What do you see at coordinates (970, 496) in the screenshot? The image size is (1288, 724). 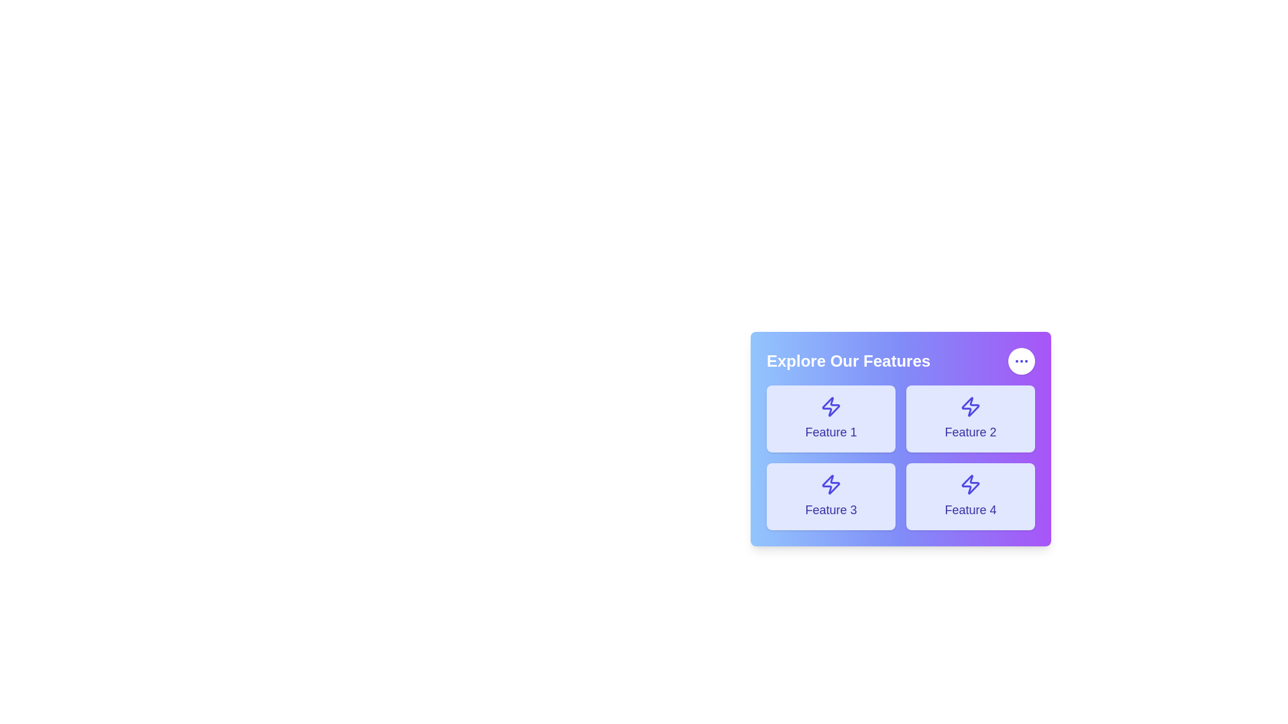 I see `the button styled with a light indigo background containing a lightning bolt icon and the text 'Feature 4'` at bounding box center [970, 496].